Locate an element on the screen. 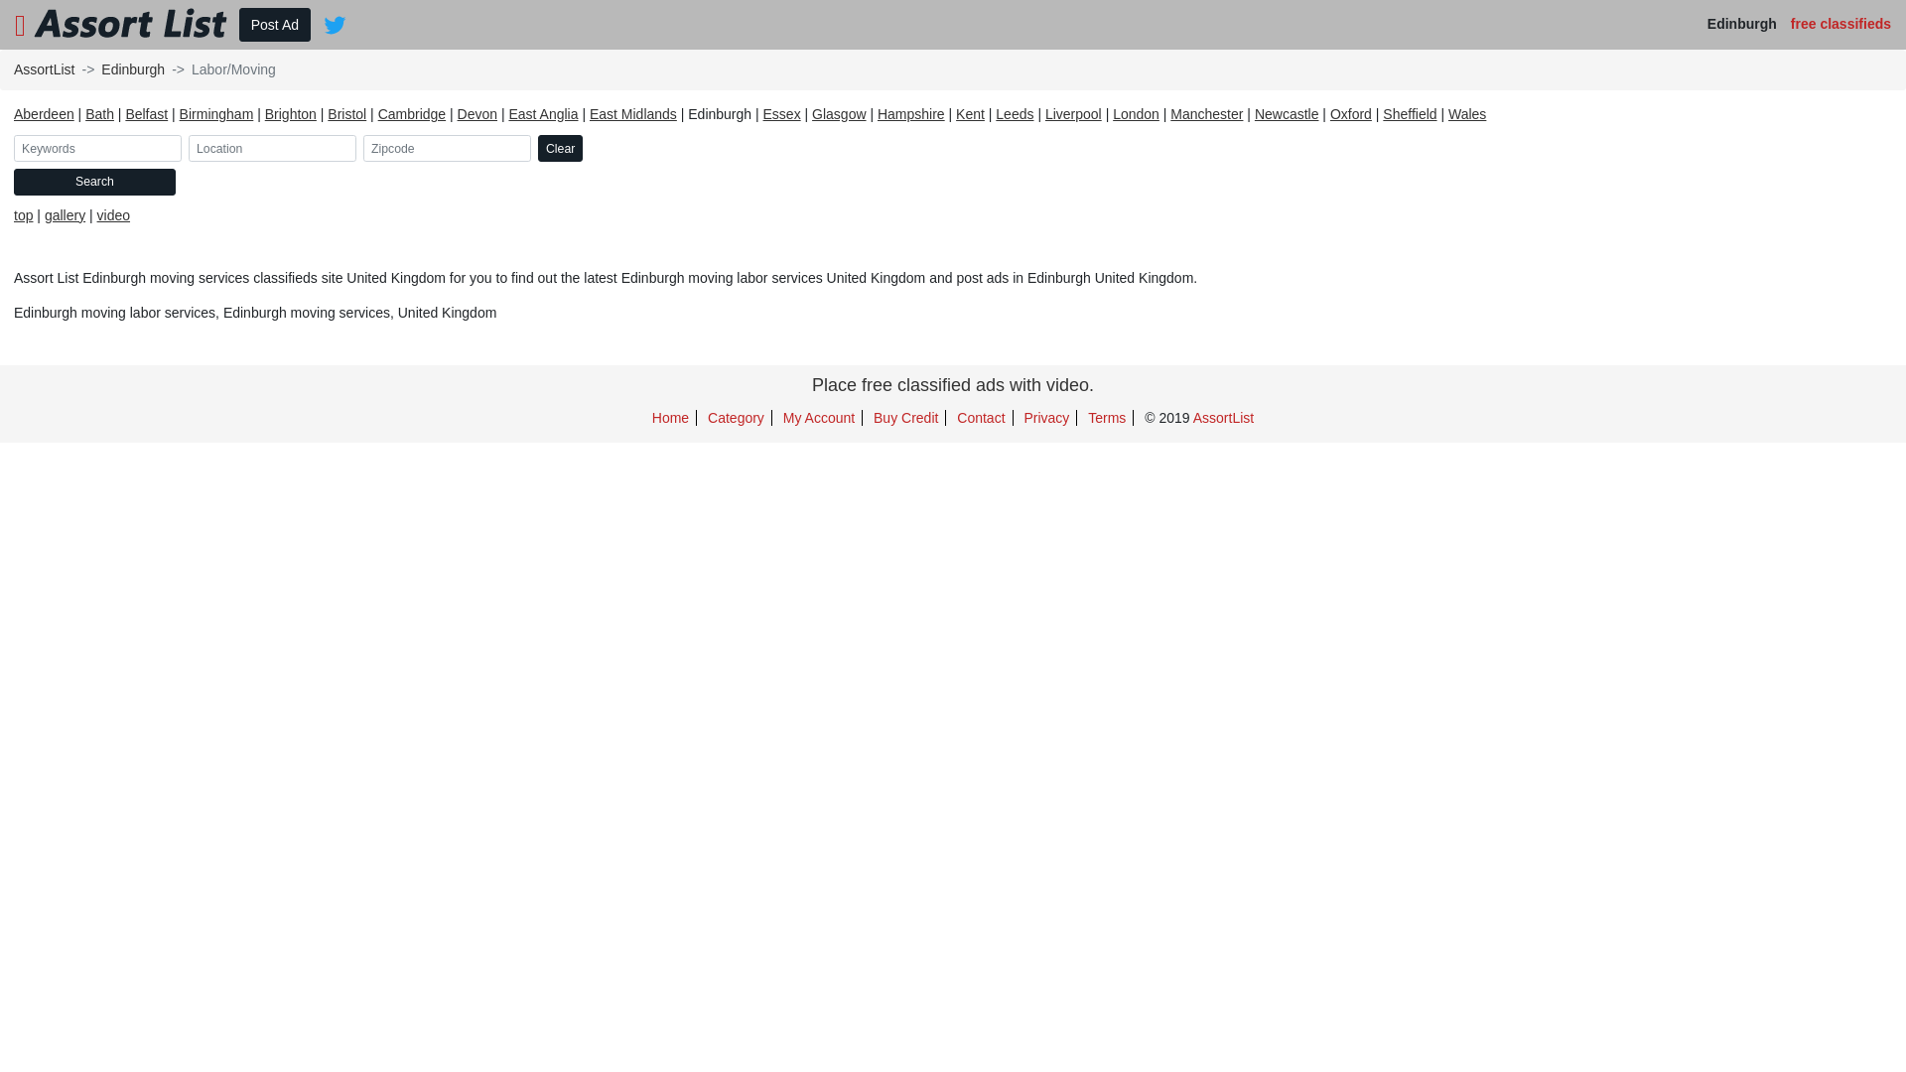 The width and height of the screenshot is (1906, 1072). 'Category' is located at coordinates (735, 416).